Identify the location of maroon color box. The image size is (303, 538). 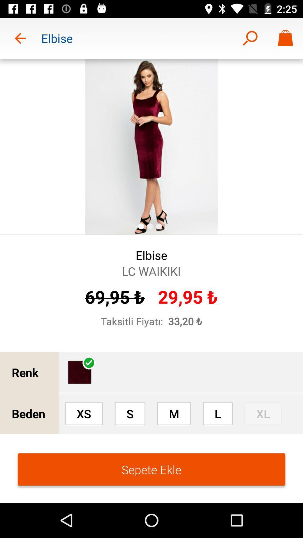
(80, 372).